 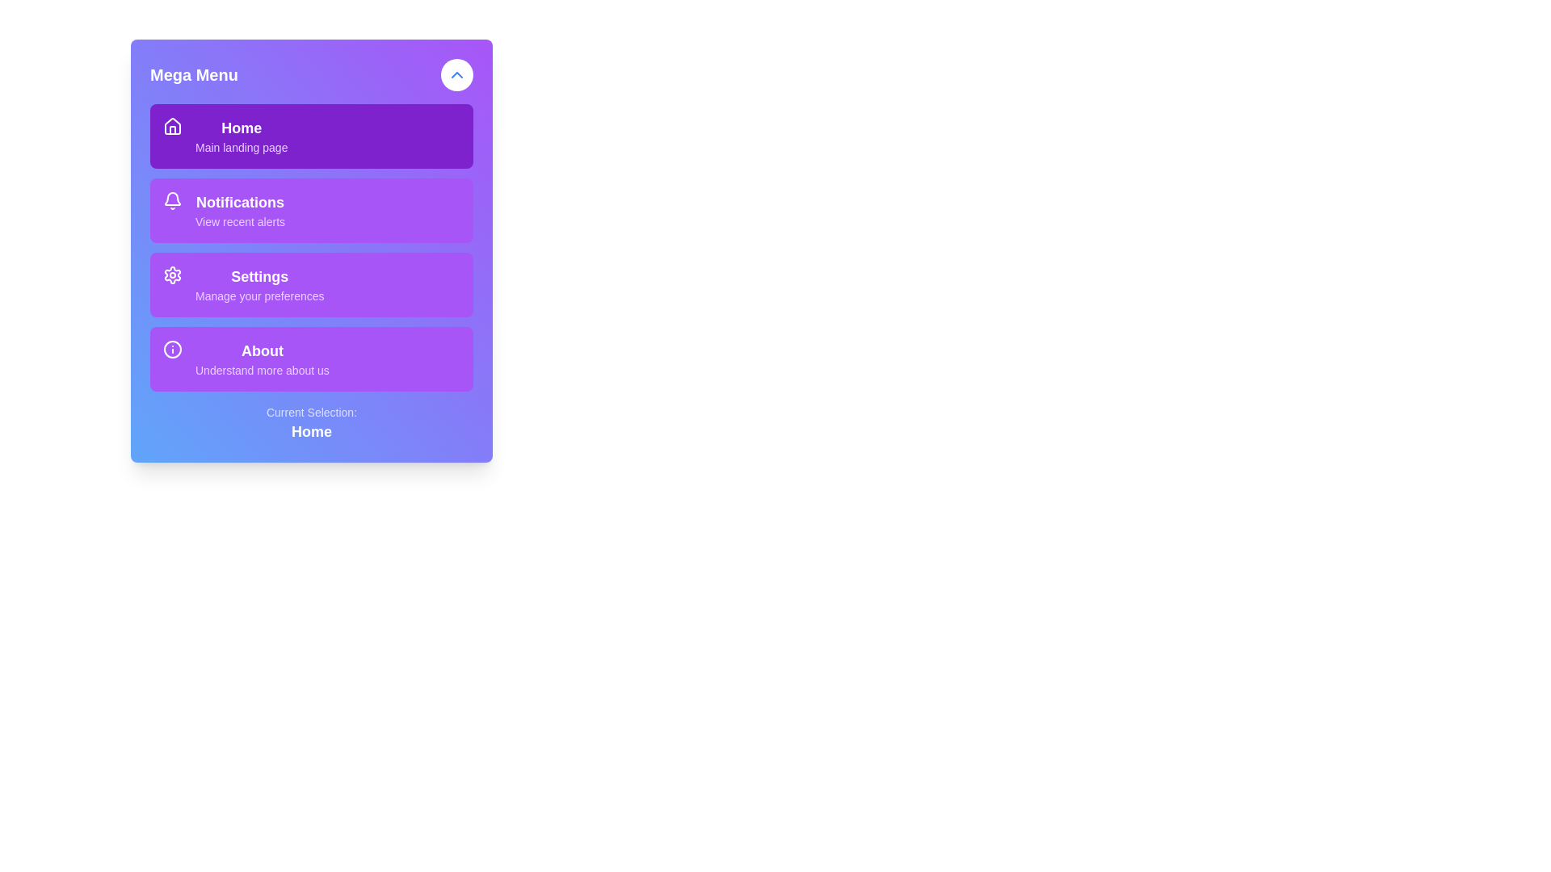 I want to click on the purple rounded rectangular button labeled 'Settings', so click(x=311, y=284).